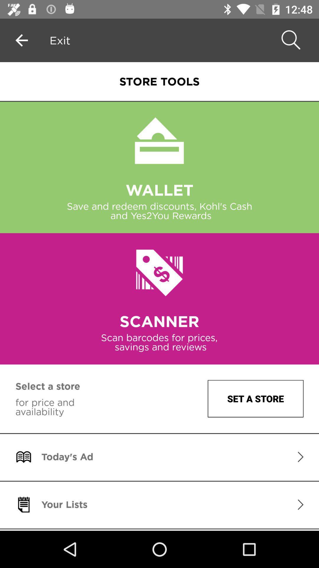 This screenshot has width=319, height=568. I want to click on for search, so click(289, 40).